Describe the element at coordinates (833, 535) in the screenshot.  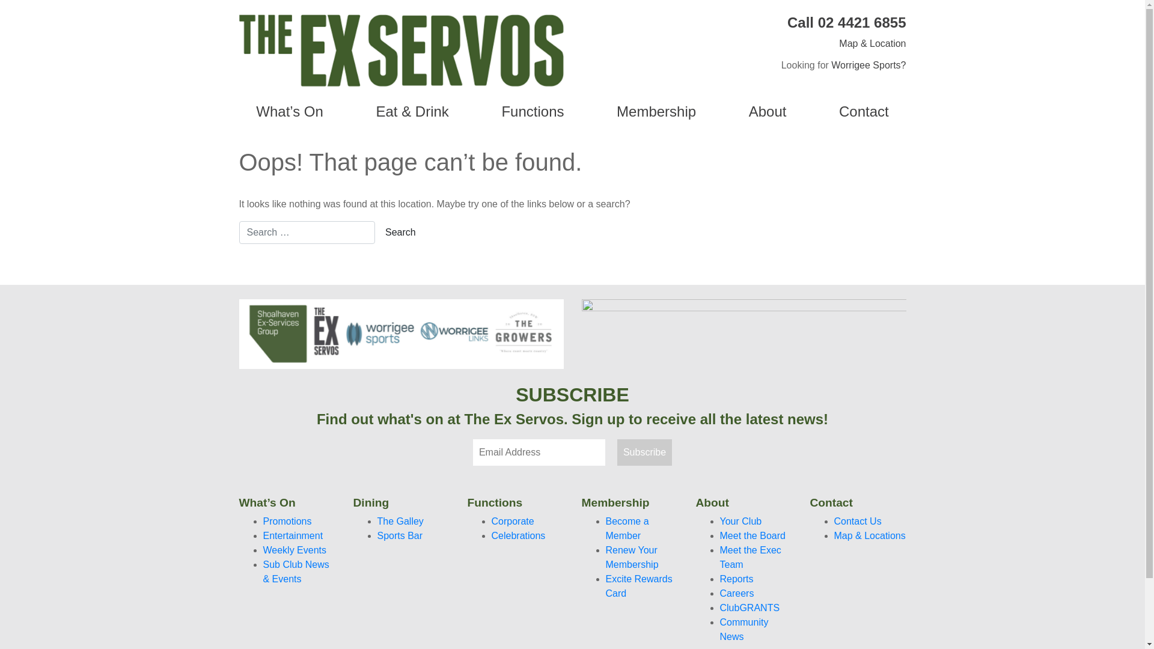
I see `'Map & Locations'` at that location.